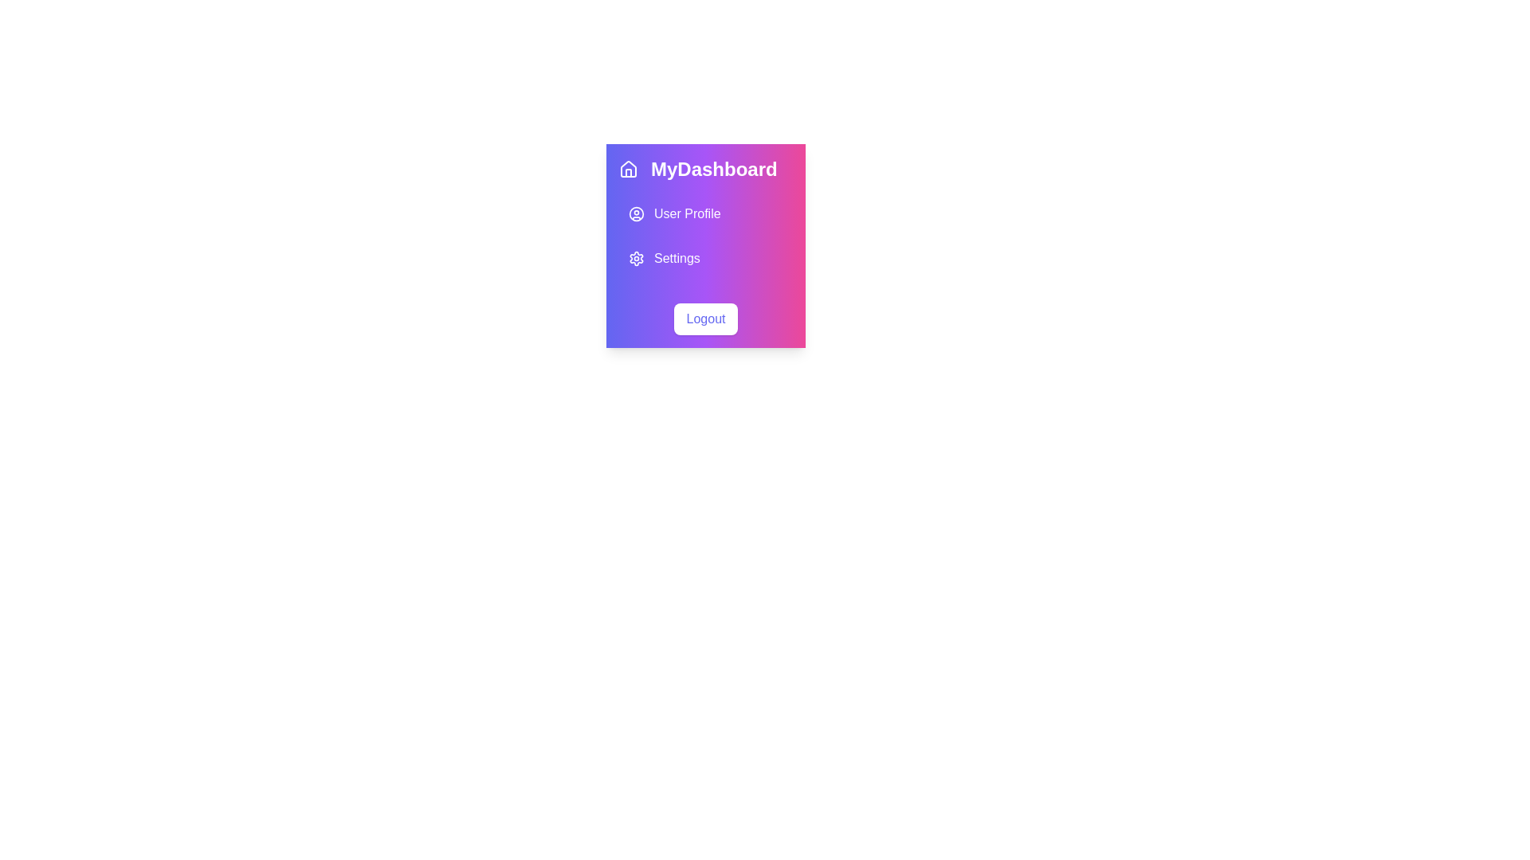 Image resolution: width=1530 pixels, height=860 pixels. Describe the element at coordinates (635, 213) in the screenshot. I see `the circular user profile icon located to the left of the 'User Profile' text, above 'Settings' and below 'MyDashboard'` at that location.